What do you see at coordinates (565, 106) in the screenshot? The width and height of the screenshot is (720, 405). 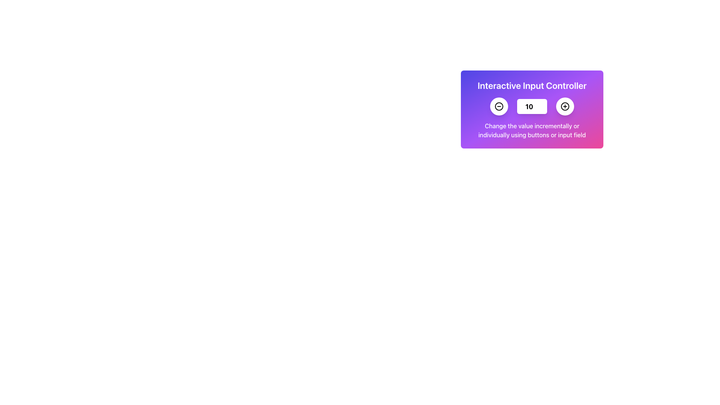 I see `the increment button located to the right of the number input field and the minus button in the Interactive Input Controller section` at bounding box center [565, 106].